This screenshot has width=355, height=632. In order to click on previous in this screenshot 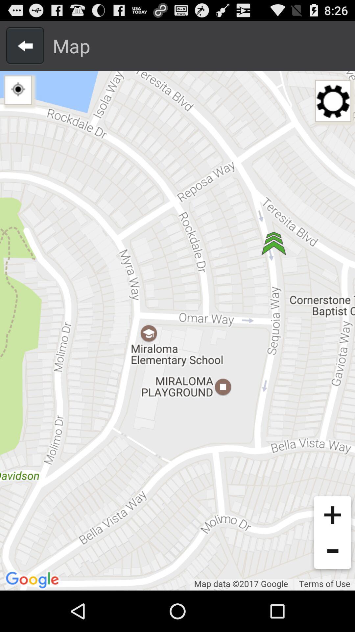, I will do `click(25, 45)`.